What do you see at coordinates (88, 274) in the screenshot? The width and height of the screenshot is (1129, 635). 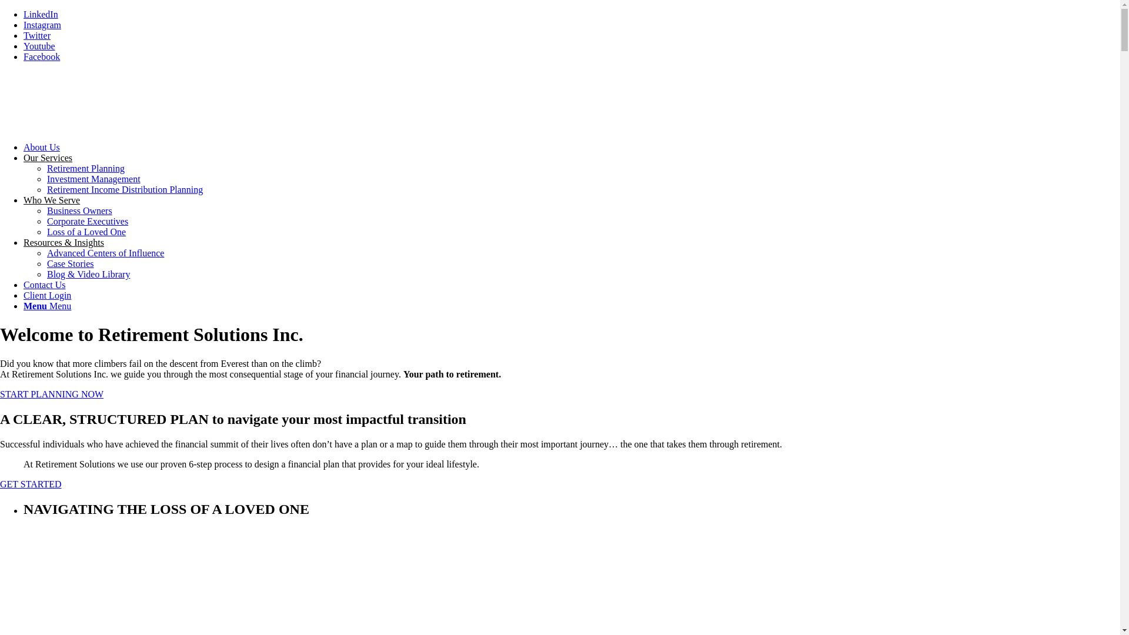 I see `'Blog & Video Library'` at bounding box center [88, 274].